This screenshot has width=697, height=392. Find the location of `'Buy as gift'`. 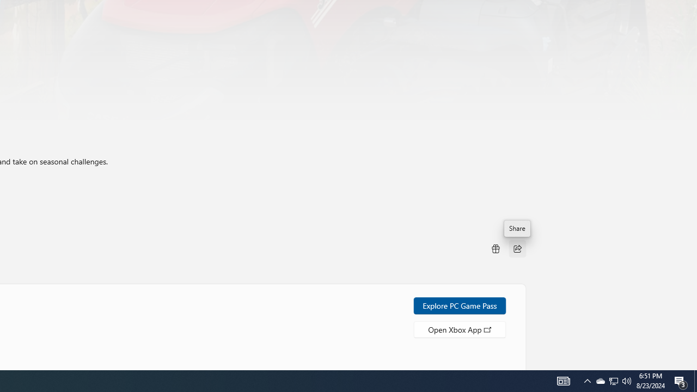

'Buy as gift' is located at coordinates (494, 248).